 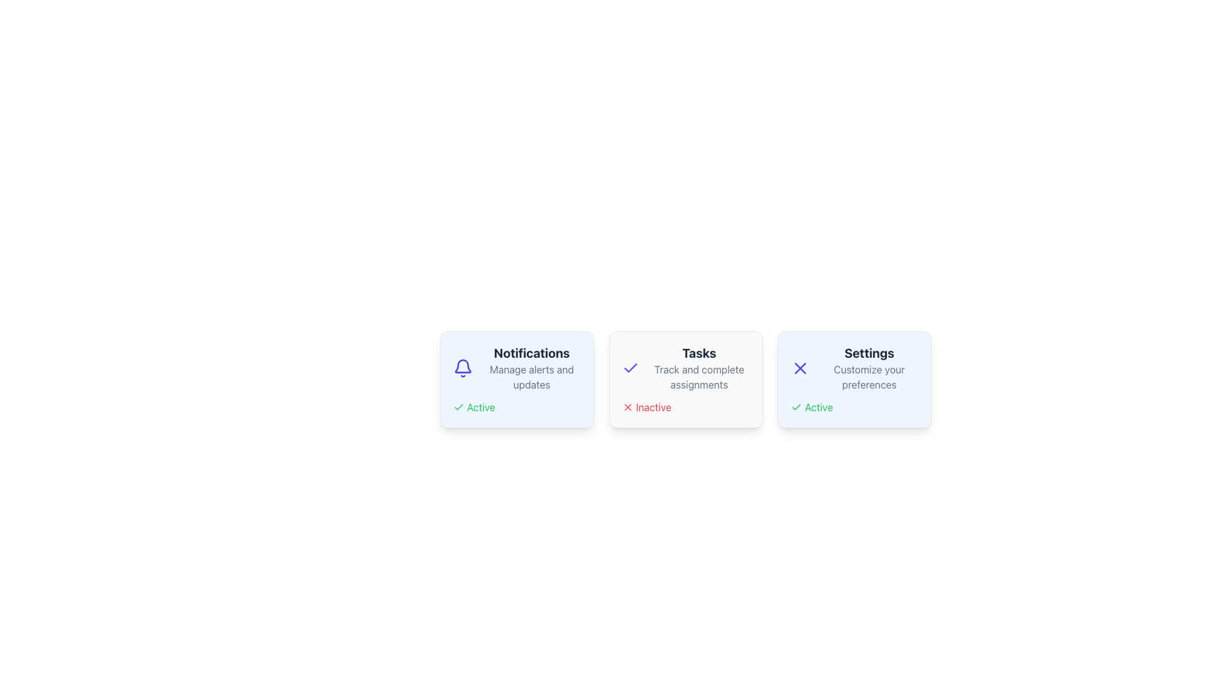 What do you see at coordinates (868, 377) in the screenshot?
I see `the static text label that provides descriptive information about the 'Settings' section functionality, located in the third card beneath the 'Settings' title` at bounding box center [868, 377].